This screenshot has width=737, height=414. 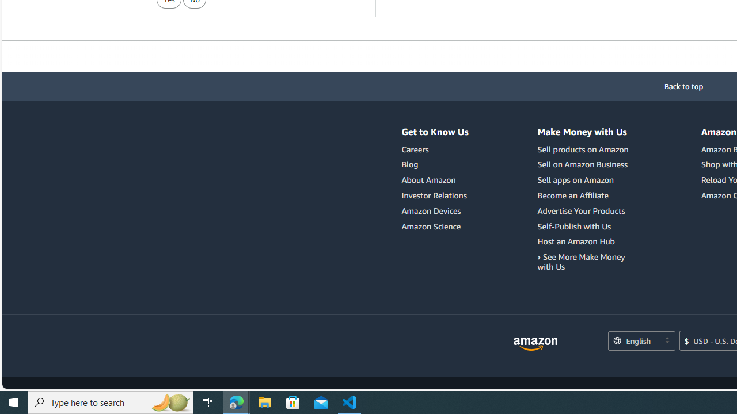 What do you see at coordinates (581, 210) in the screenshot?
I see `'Advertise Your Products'` at bounding box center [581, 210].